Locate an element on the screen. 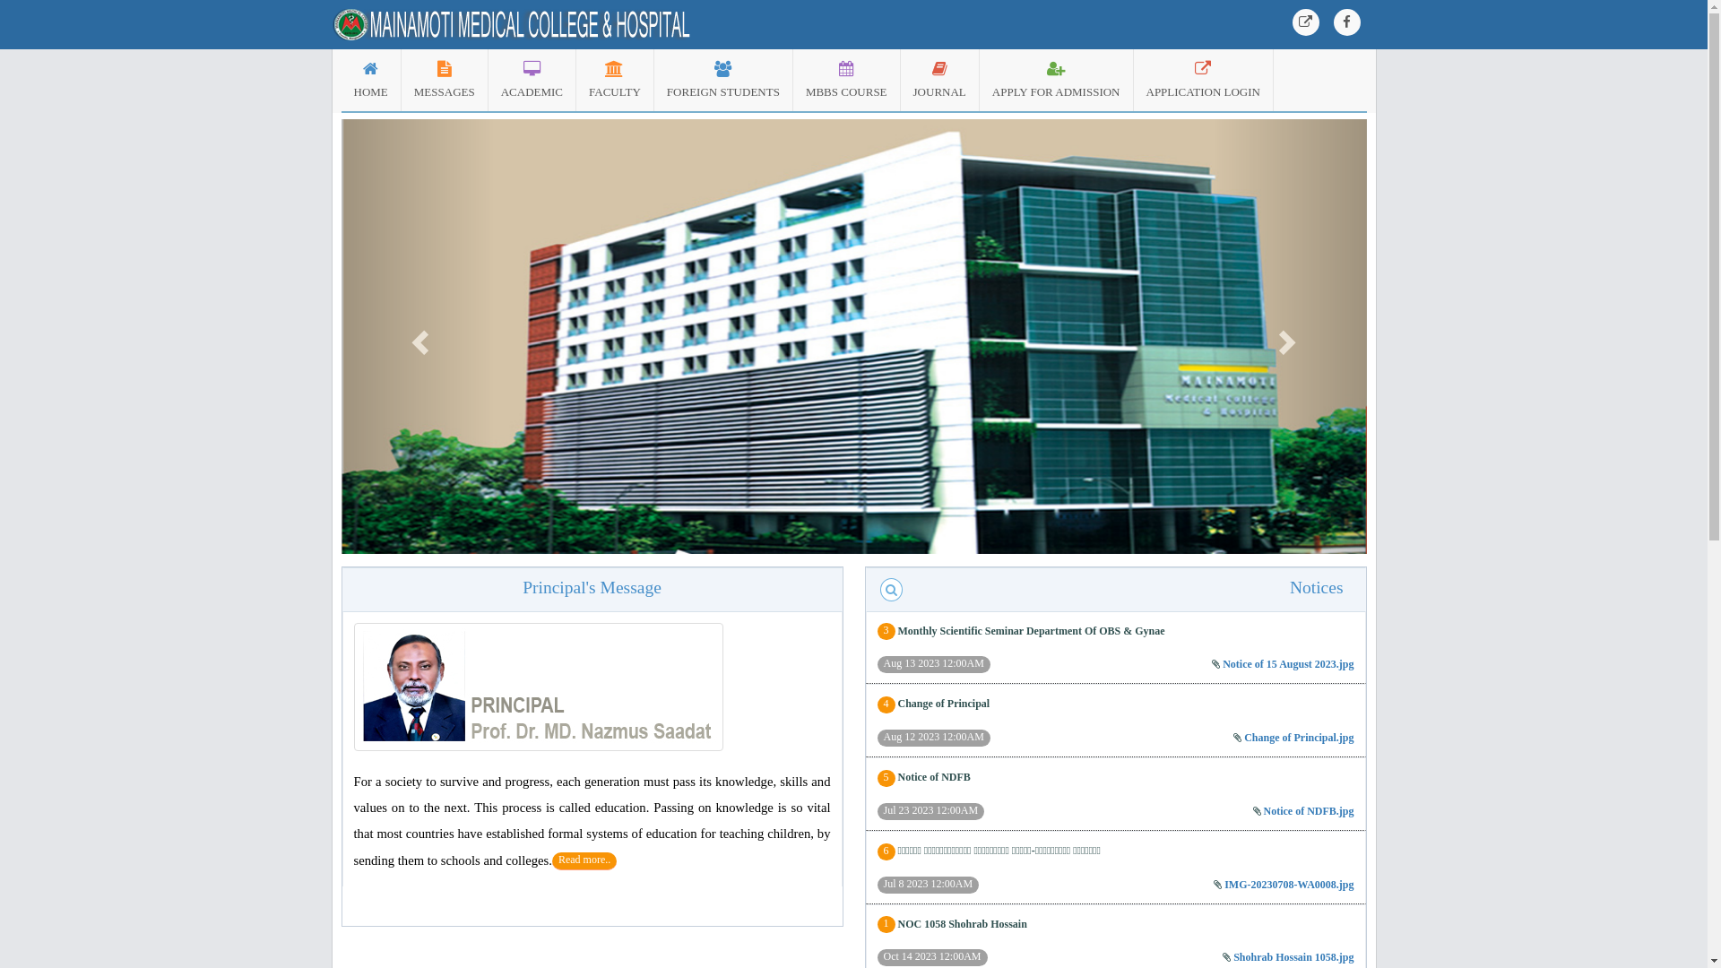  'Web Application Login' is located at coordinates (1306, 22).